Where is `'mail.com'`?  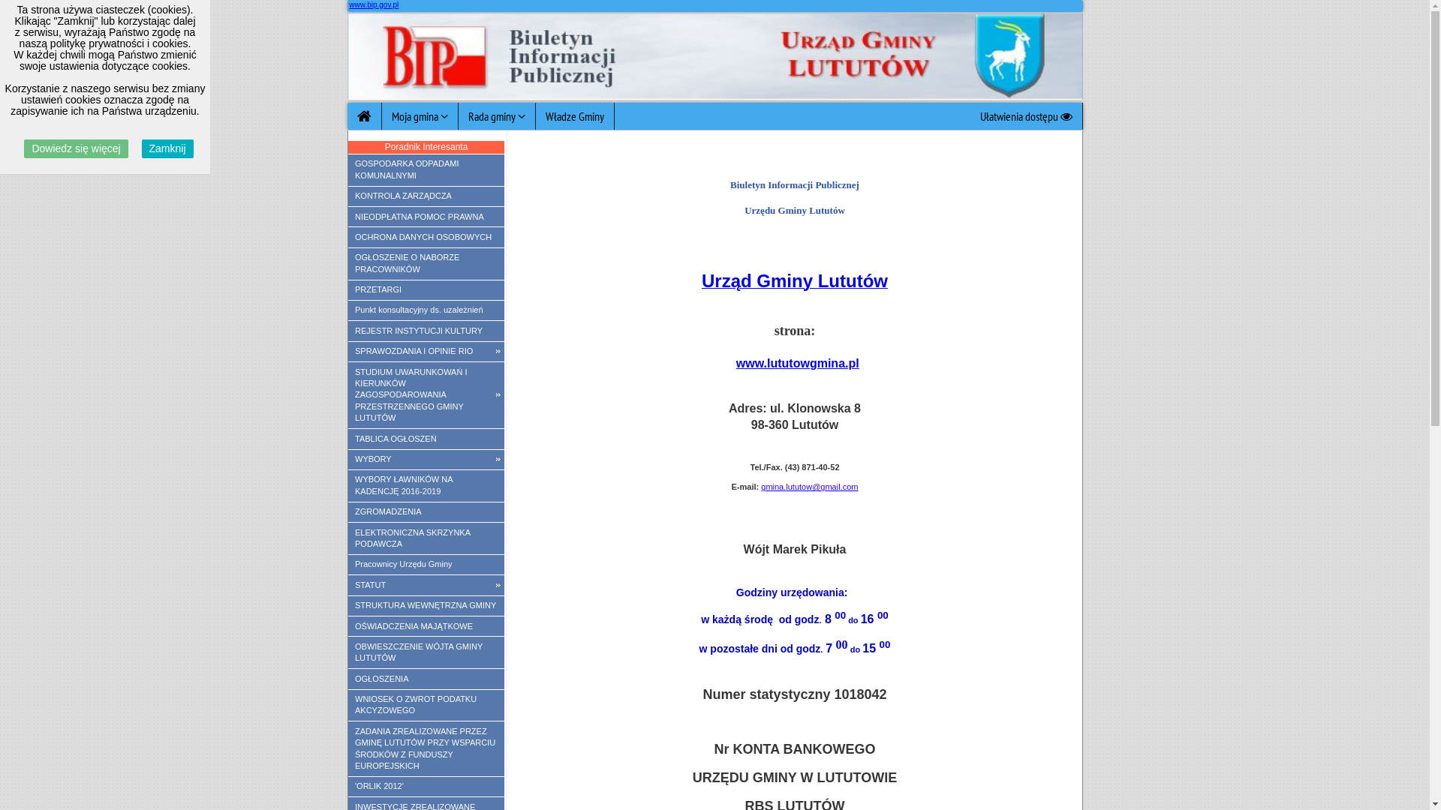 'mail.com' is located at coordinates (841, 486).